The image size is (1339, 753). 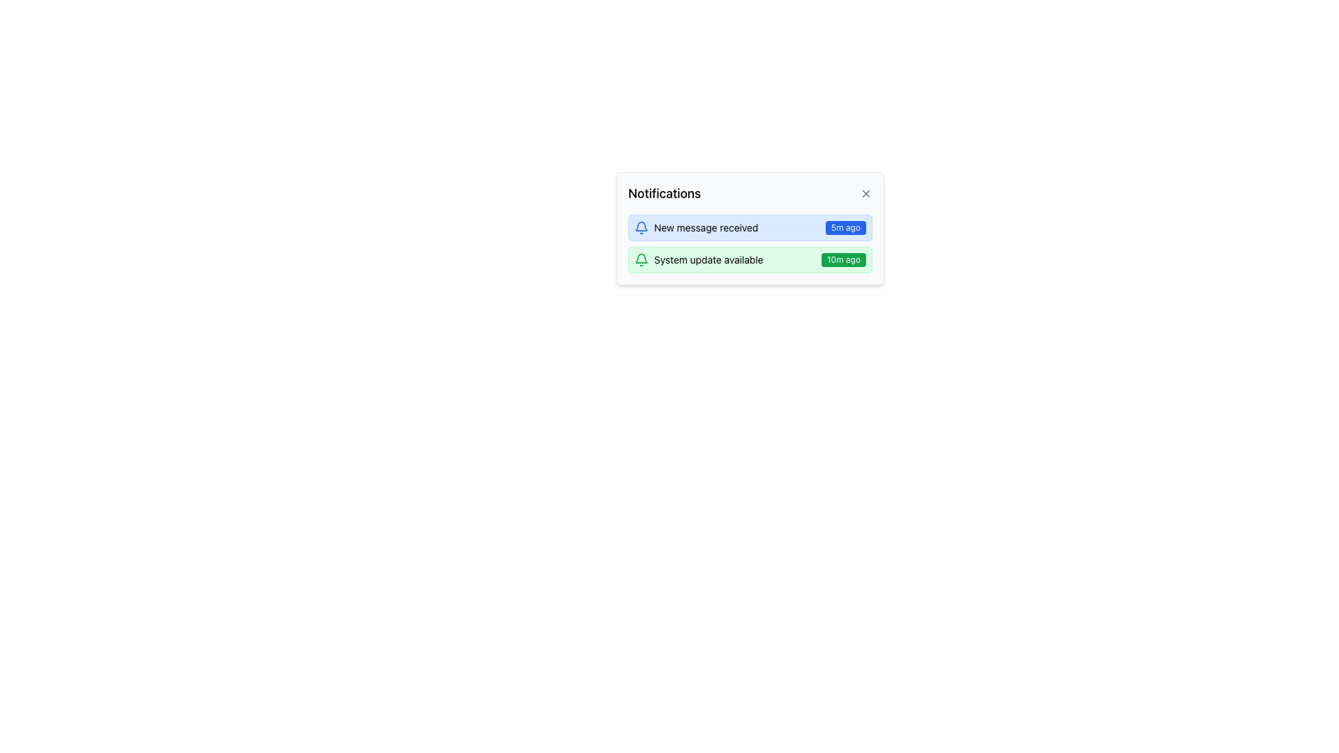 I want to click on the 'X' button in the top-right corner of the notification panel, so click(x=865, y=193).